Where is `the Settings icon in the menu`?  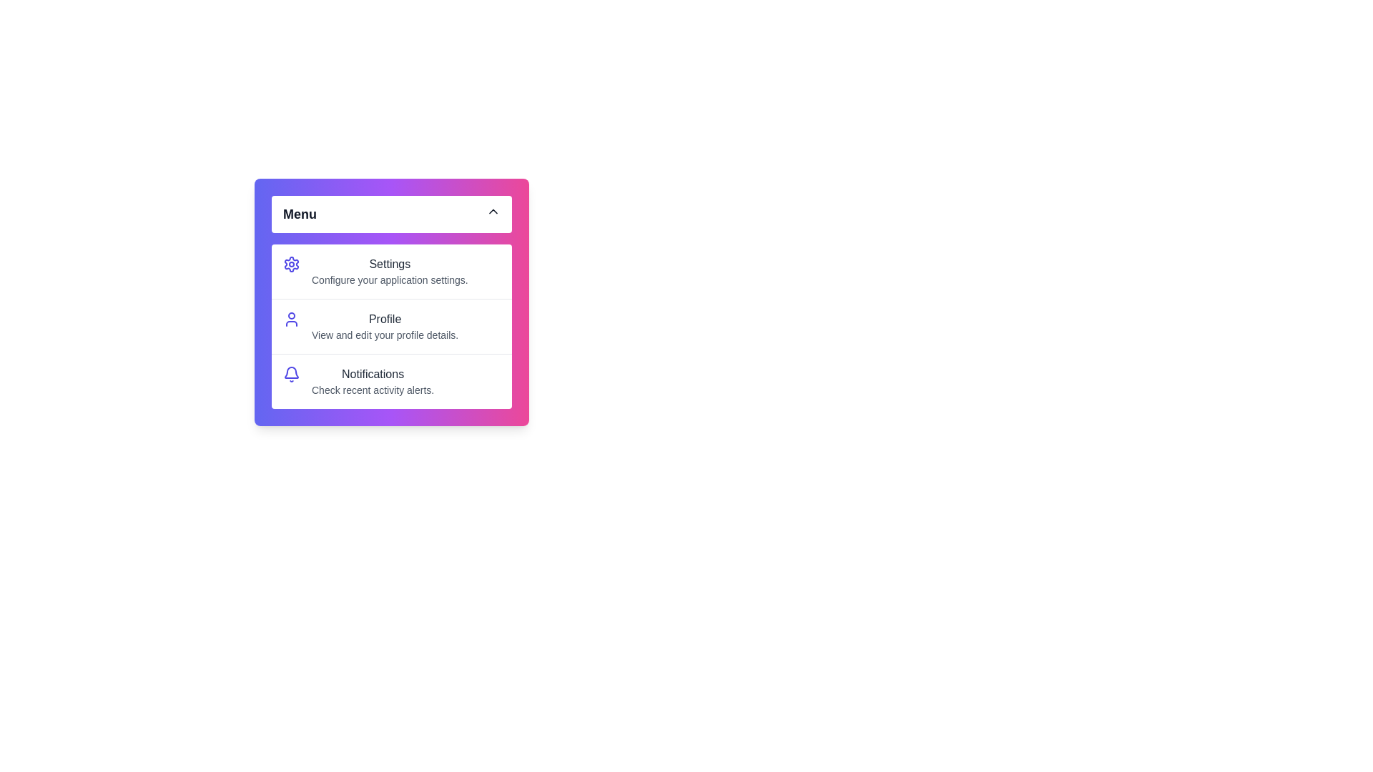 the Settings icon in the menu is located at coordinates (291, 264).